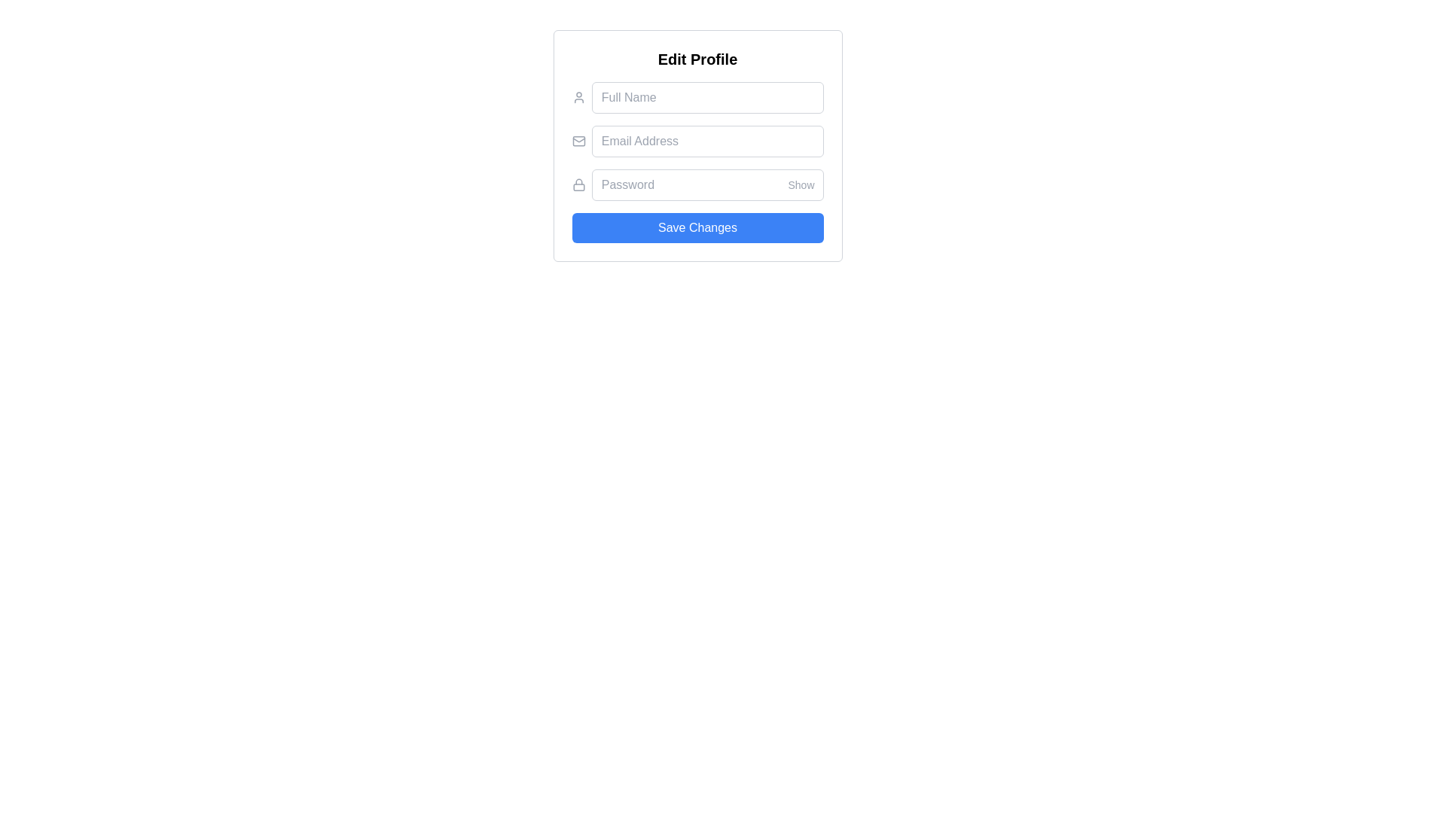  What do you see at coordinates (697, 228) in the screenshot?
I see `the 'Save Changes' button` at bounding box center [697, 228].